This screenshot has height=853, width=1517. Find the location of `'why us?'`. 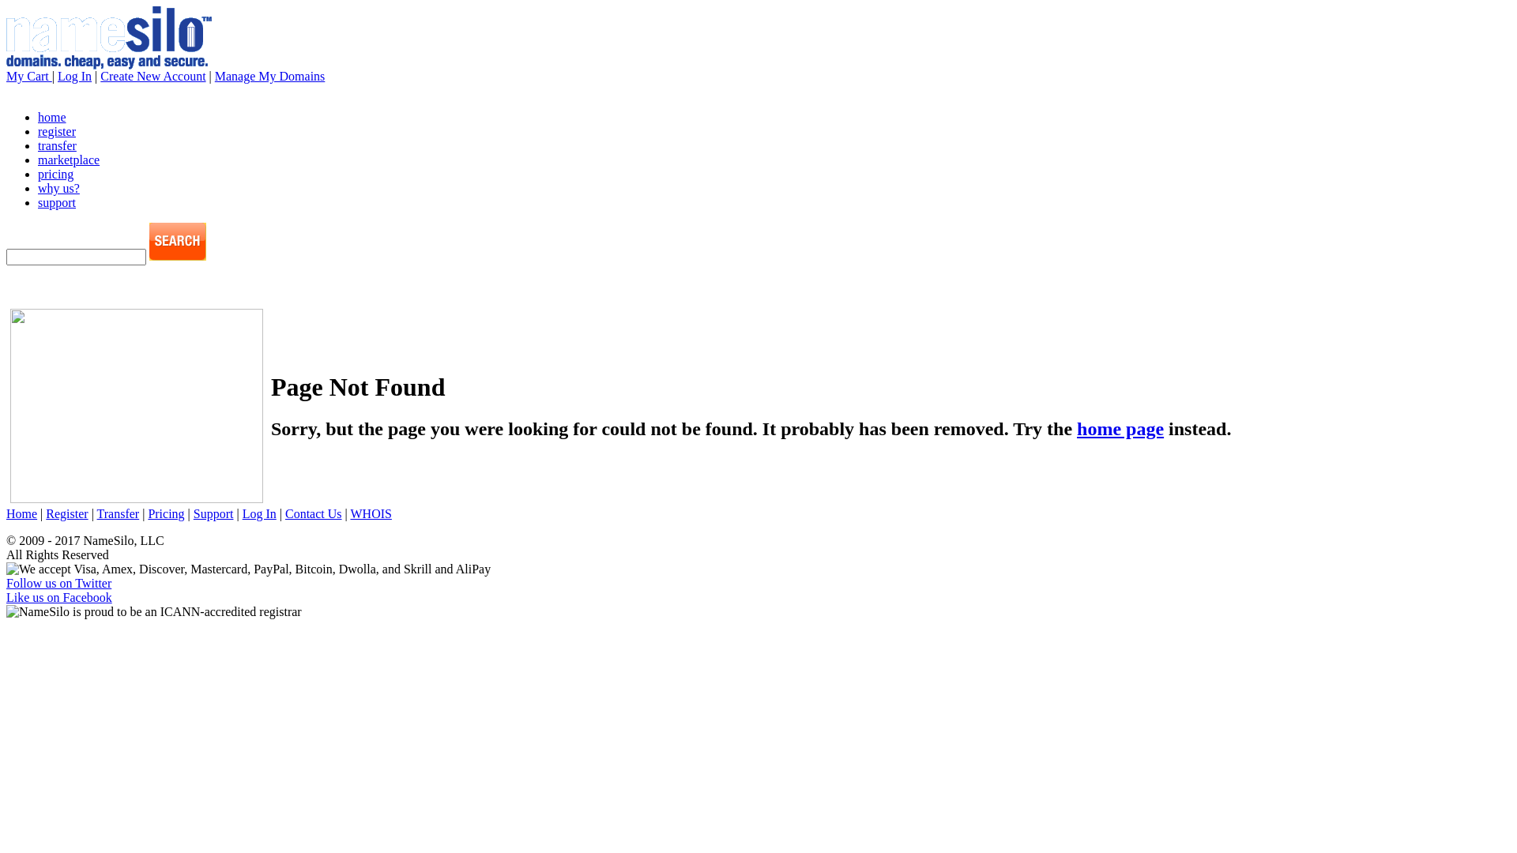

'why us?' is located at coordinates (38, 187).